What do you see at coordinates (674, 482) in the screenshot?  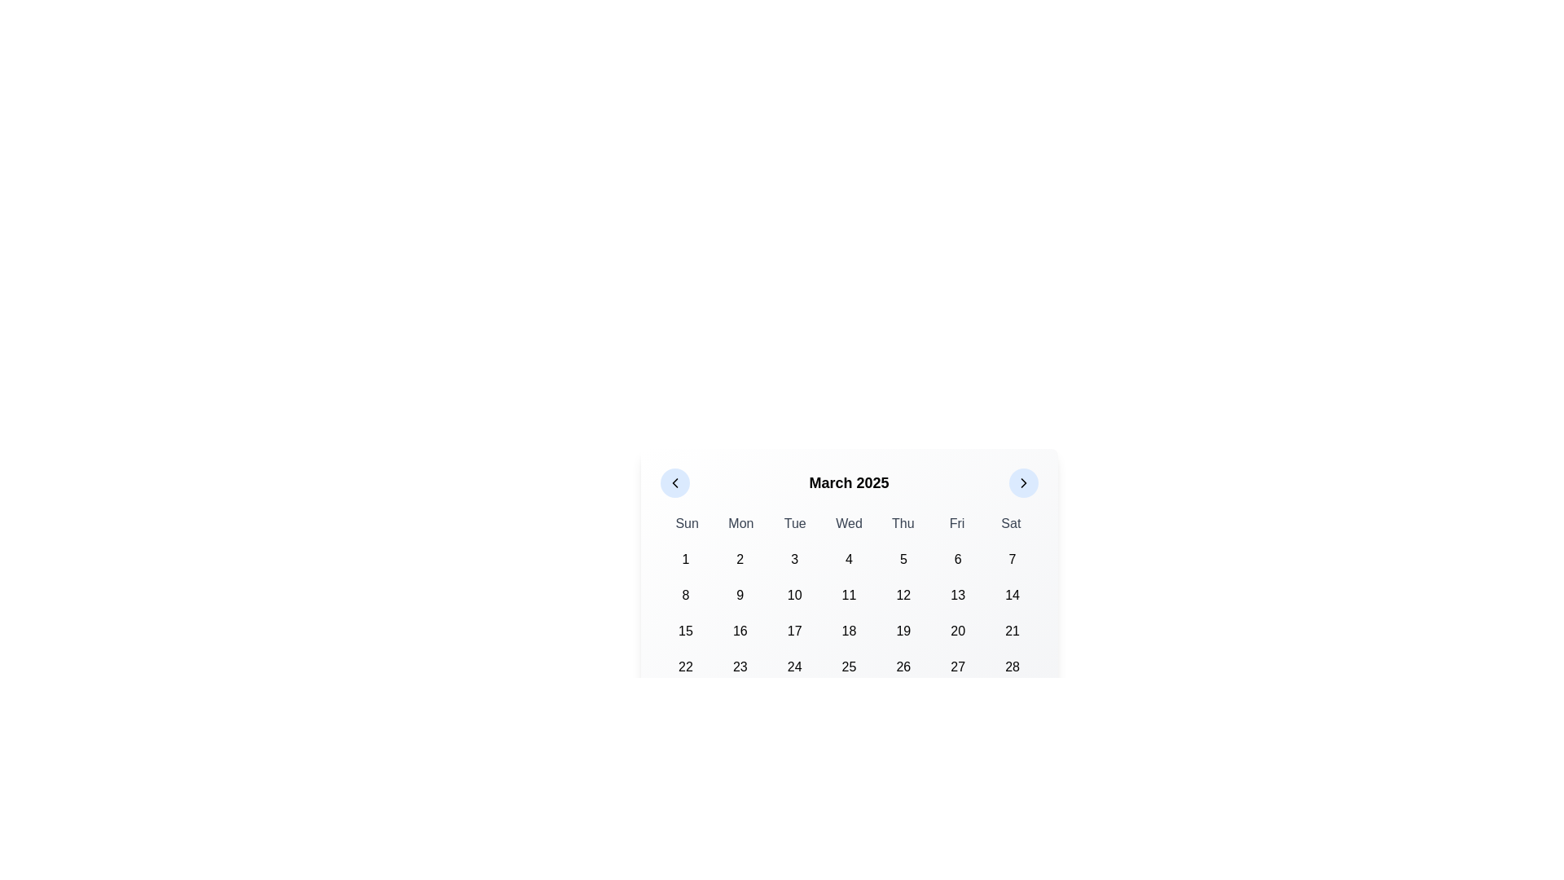 I see `the circular icon button located to the left of the header 'March 2025' on the calendar interface` at bounding box center [674, 482].